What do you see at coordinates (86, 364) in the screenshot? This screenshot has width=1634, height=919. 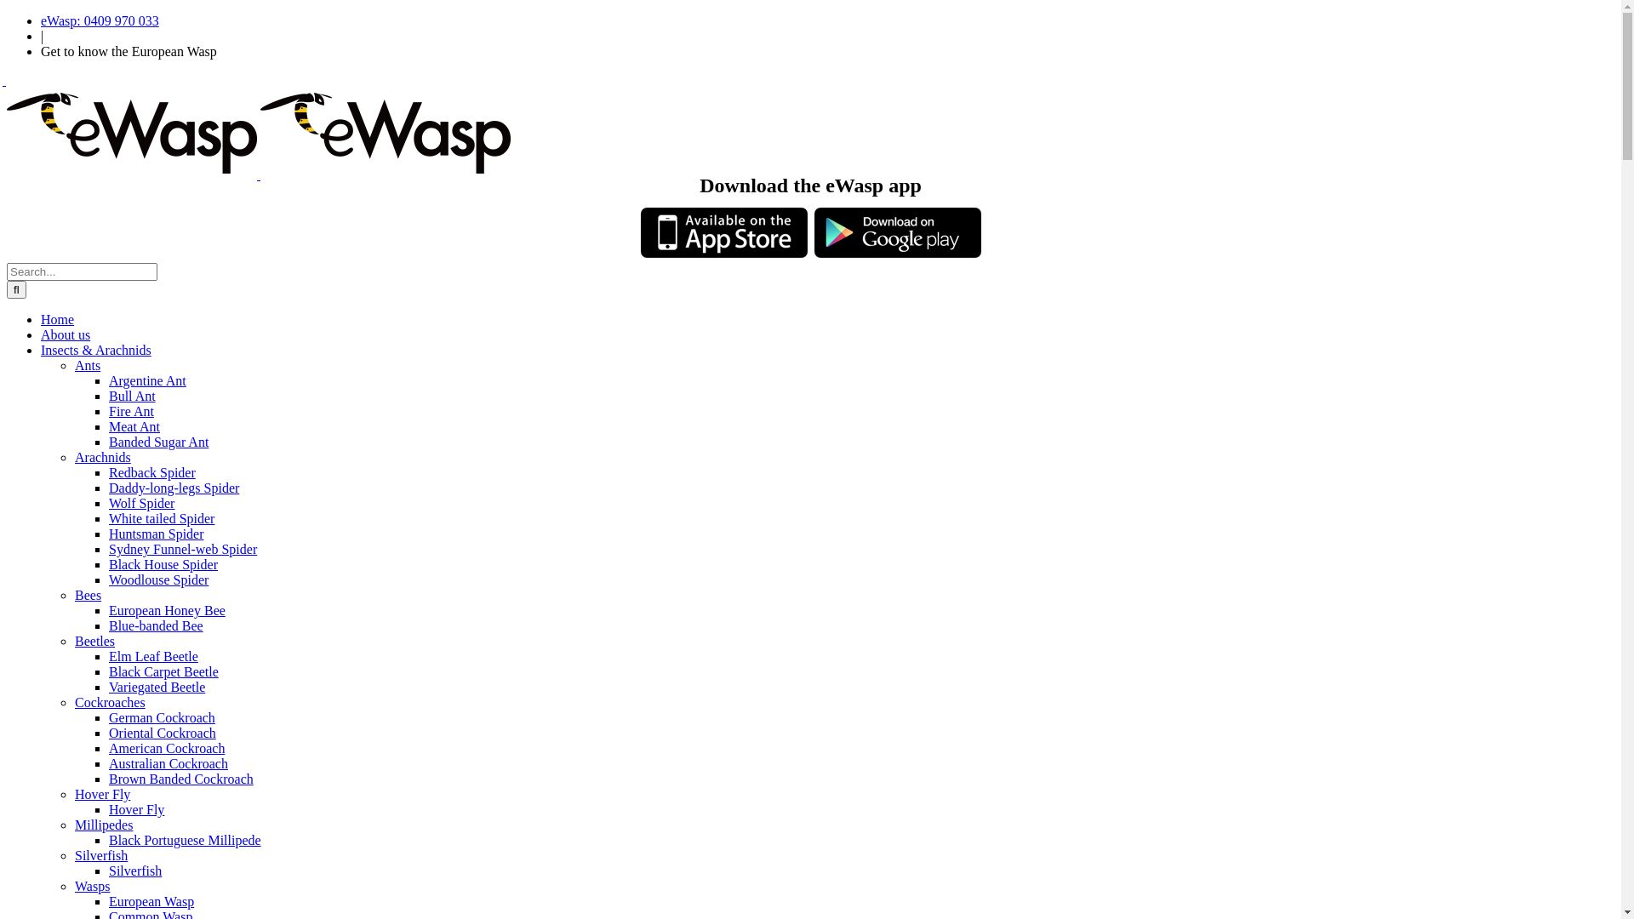 I see `'Ants'` at bounding box center [86, 364].